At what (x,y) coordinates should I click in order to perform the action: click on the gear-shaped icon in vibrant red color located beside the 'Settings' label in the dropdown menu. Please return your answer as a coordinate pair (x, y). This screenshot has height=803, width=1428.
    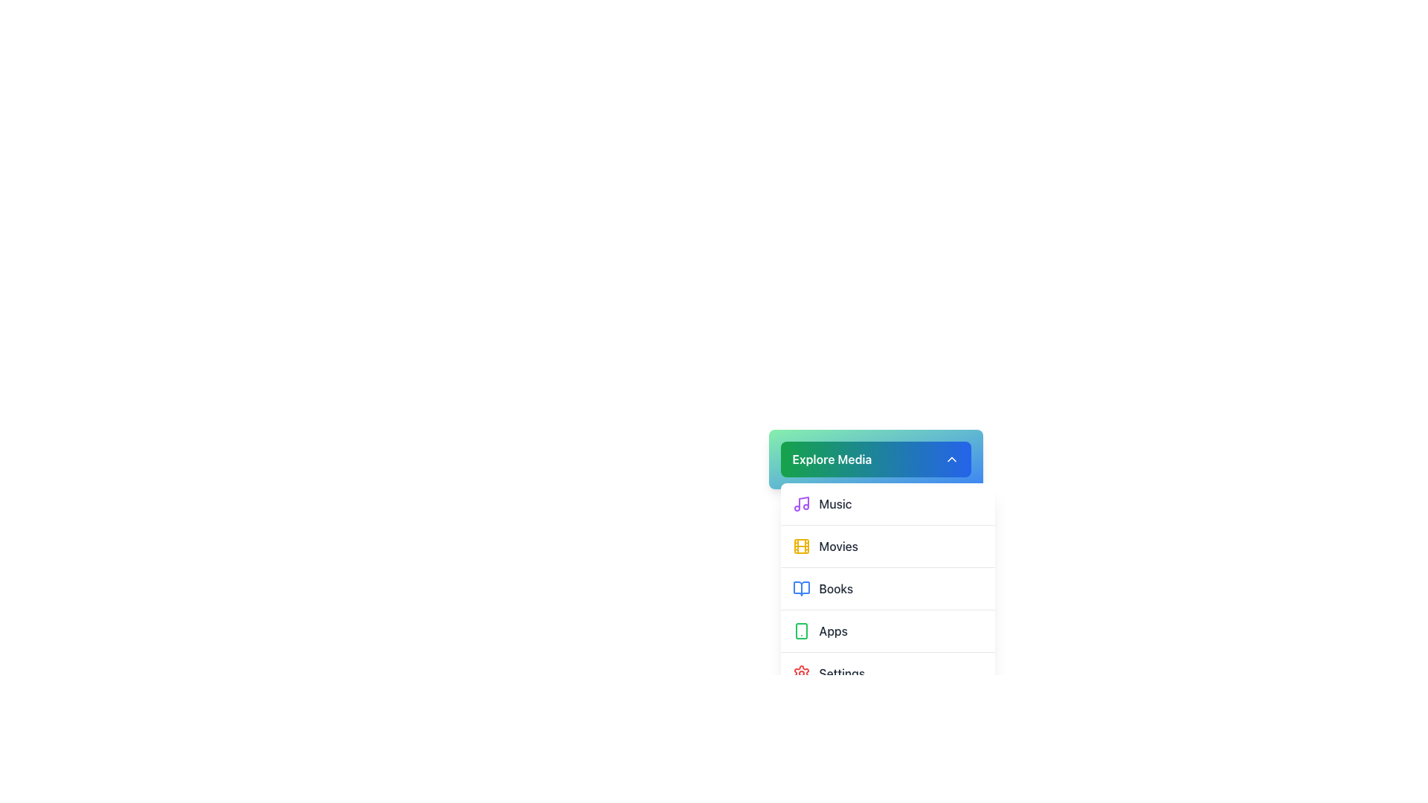
    Looking at the image, I should click on (800, 674).